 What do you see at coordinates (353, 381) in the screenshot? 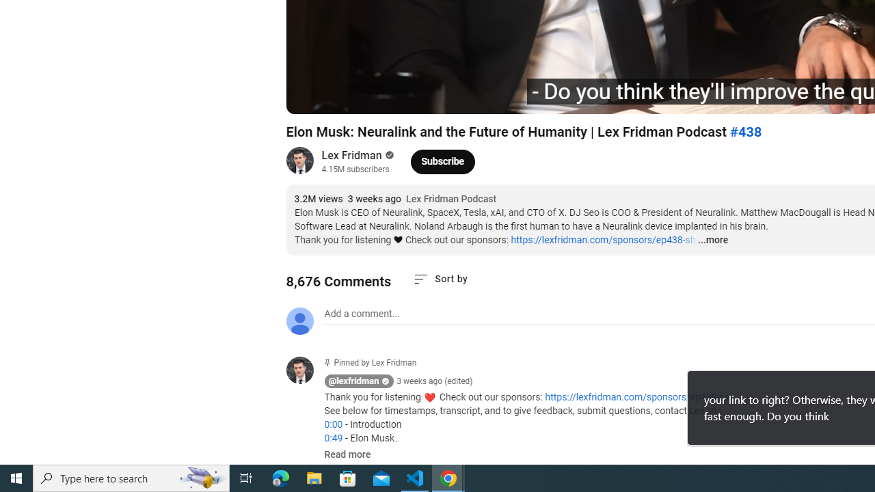
I see `'@lexfridman'` at bounding box center [353, 381].